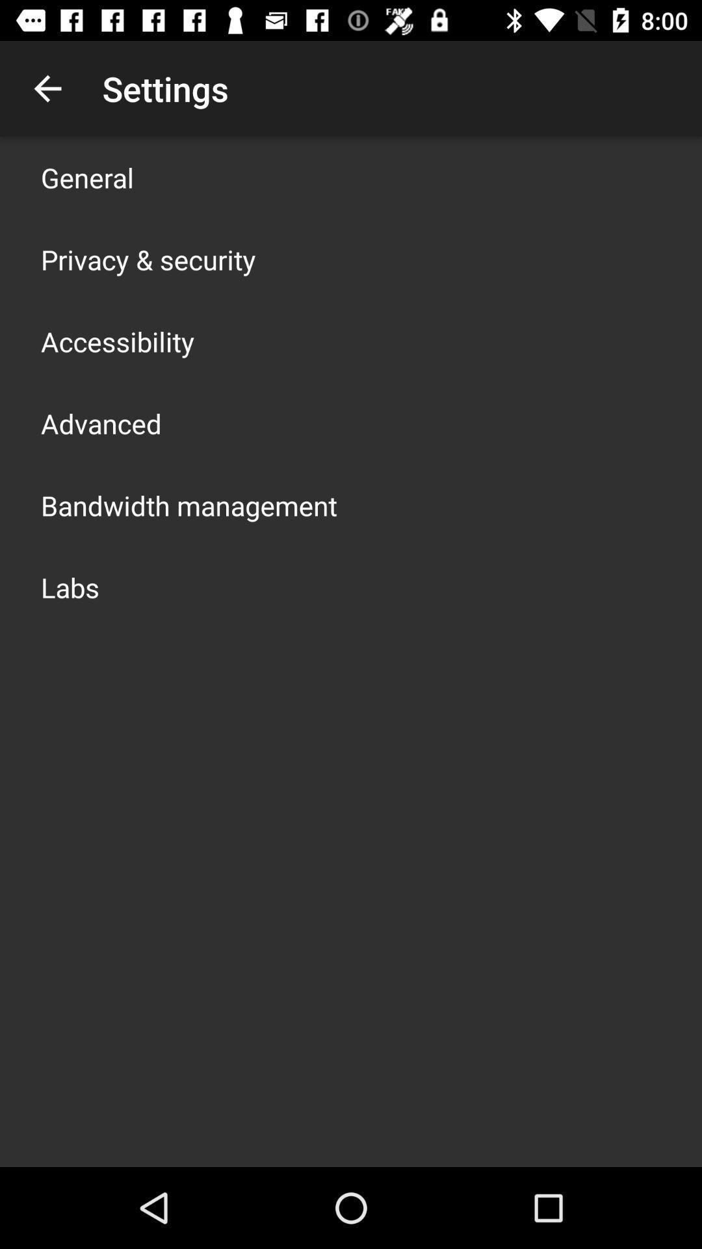  I want to click on accessibility icon, so click(118, 341).